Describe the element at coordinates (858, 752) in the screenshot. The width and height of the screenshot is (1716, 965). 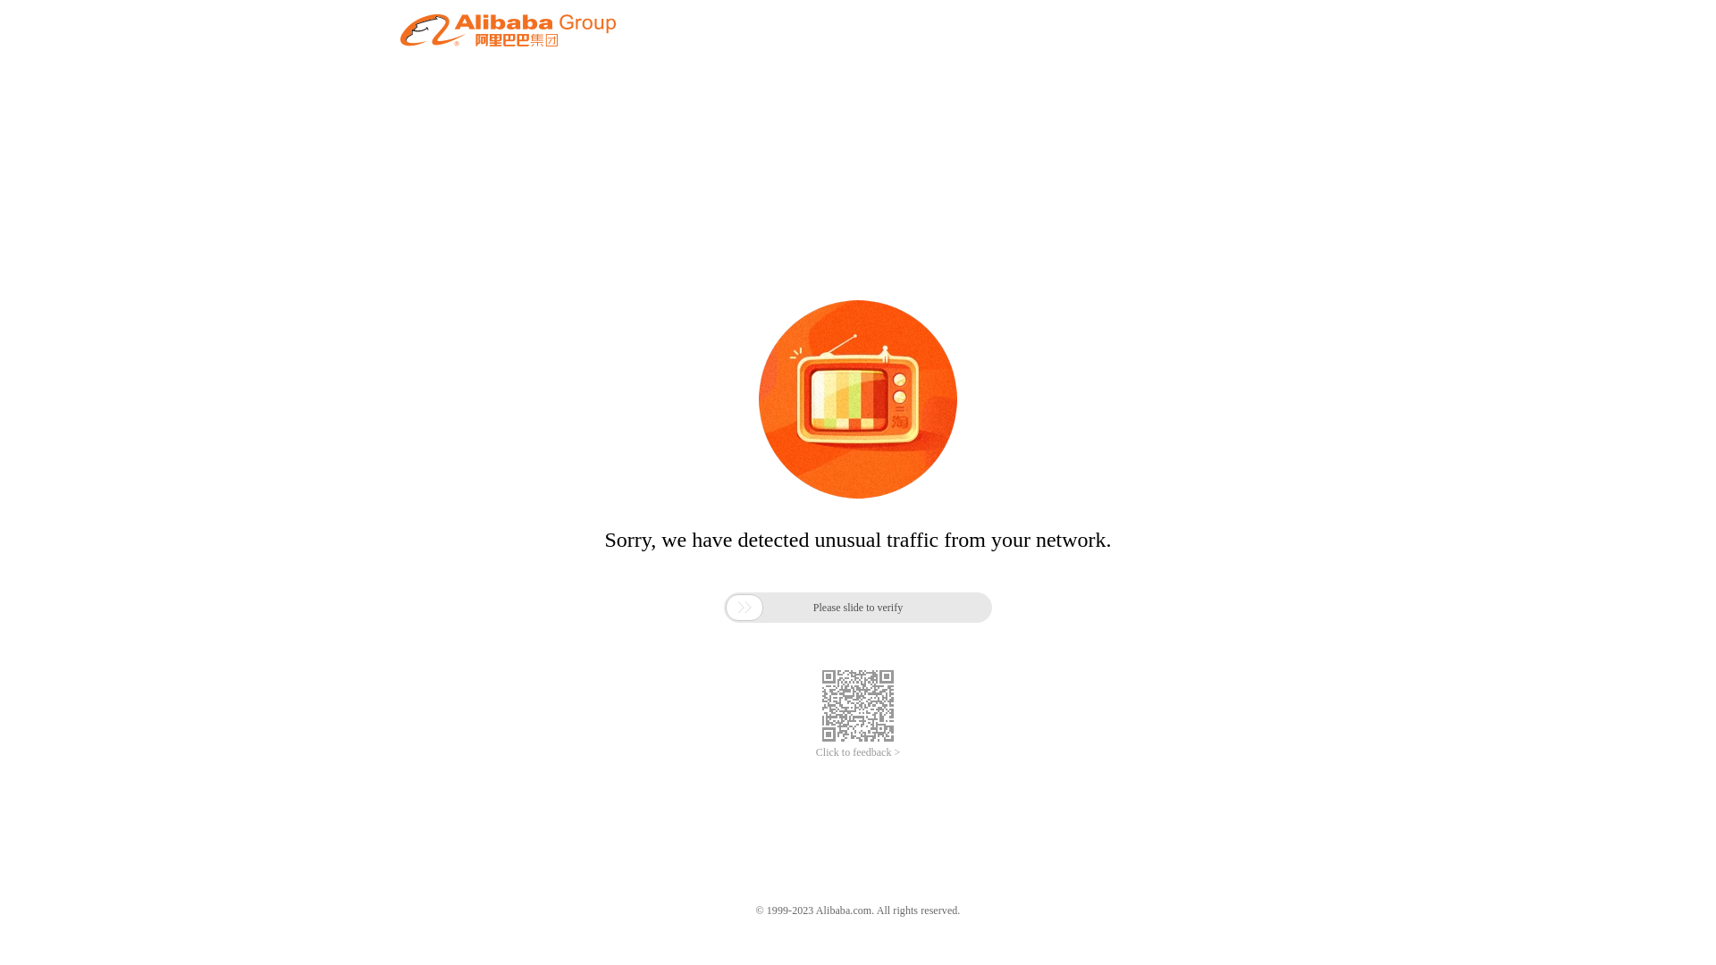
I see `'Click to feedback >'` at that location.